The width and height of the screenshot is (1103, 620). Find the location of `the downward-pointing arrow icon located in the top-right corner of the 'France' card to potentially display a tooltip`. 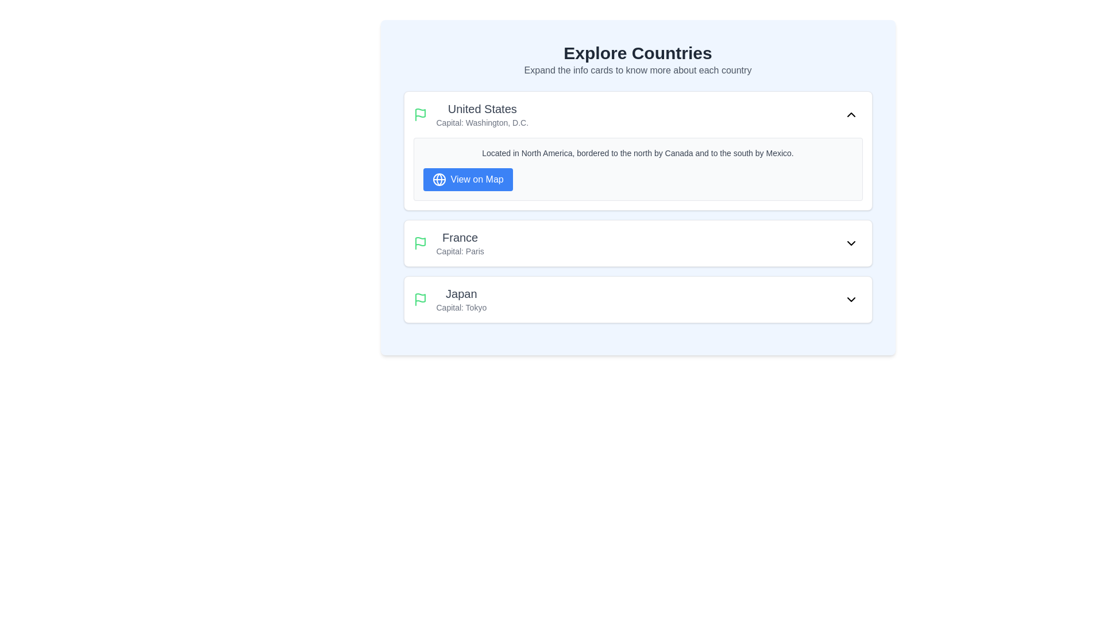

the downward-pointing arrow icon located in the top-right corner of the 'France' card to potentially display a tooltip is located at coordinates (851, 243).